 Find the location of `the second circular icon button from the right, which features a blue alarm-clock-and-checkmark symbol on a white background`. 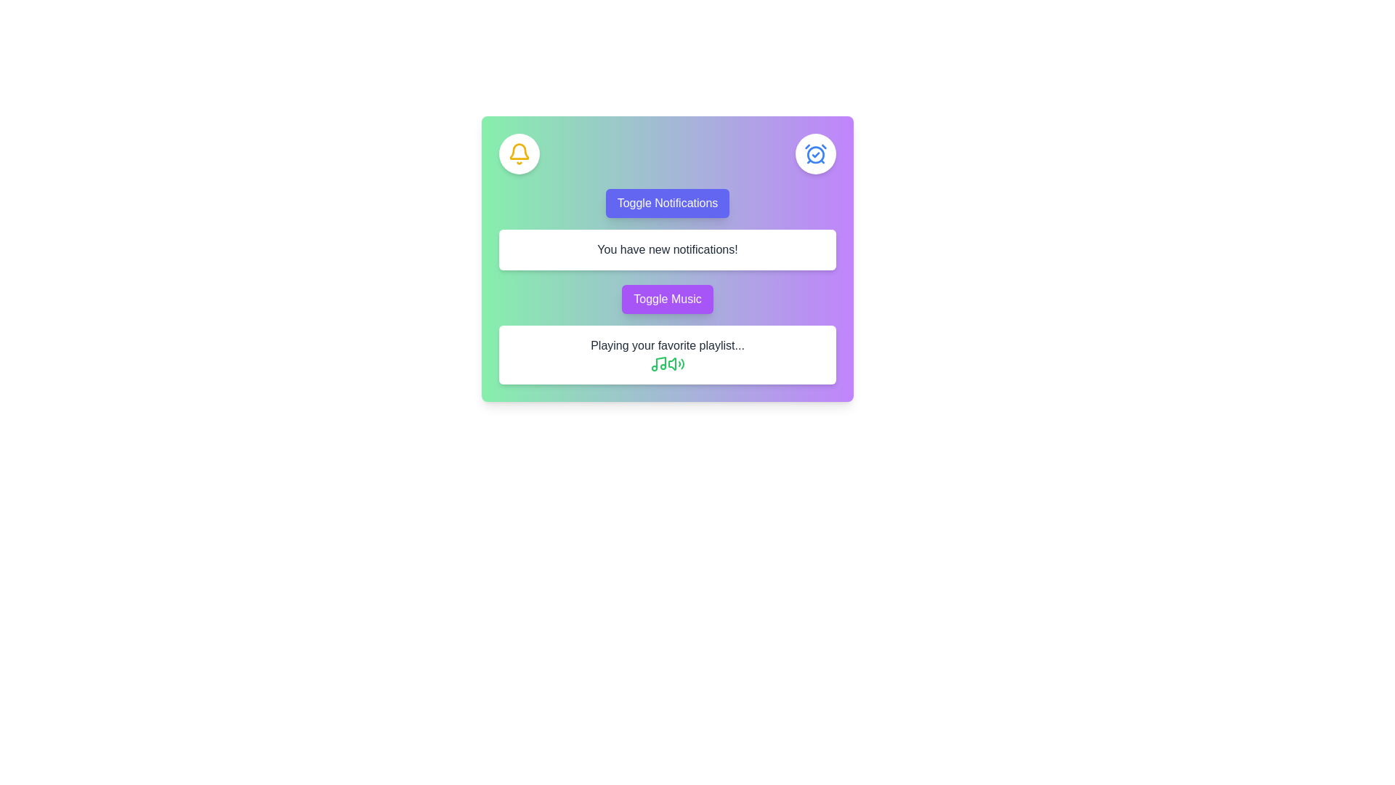

the second circular icon button from the right, which features a blue alarm-clock-and-checkmark symbol on a white background is located at coordinates (816, 154).